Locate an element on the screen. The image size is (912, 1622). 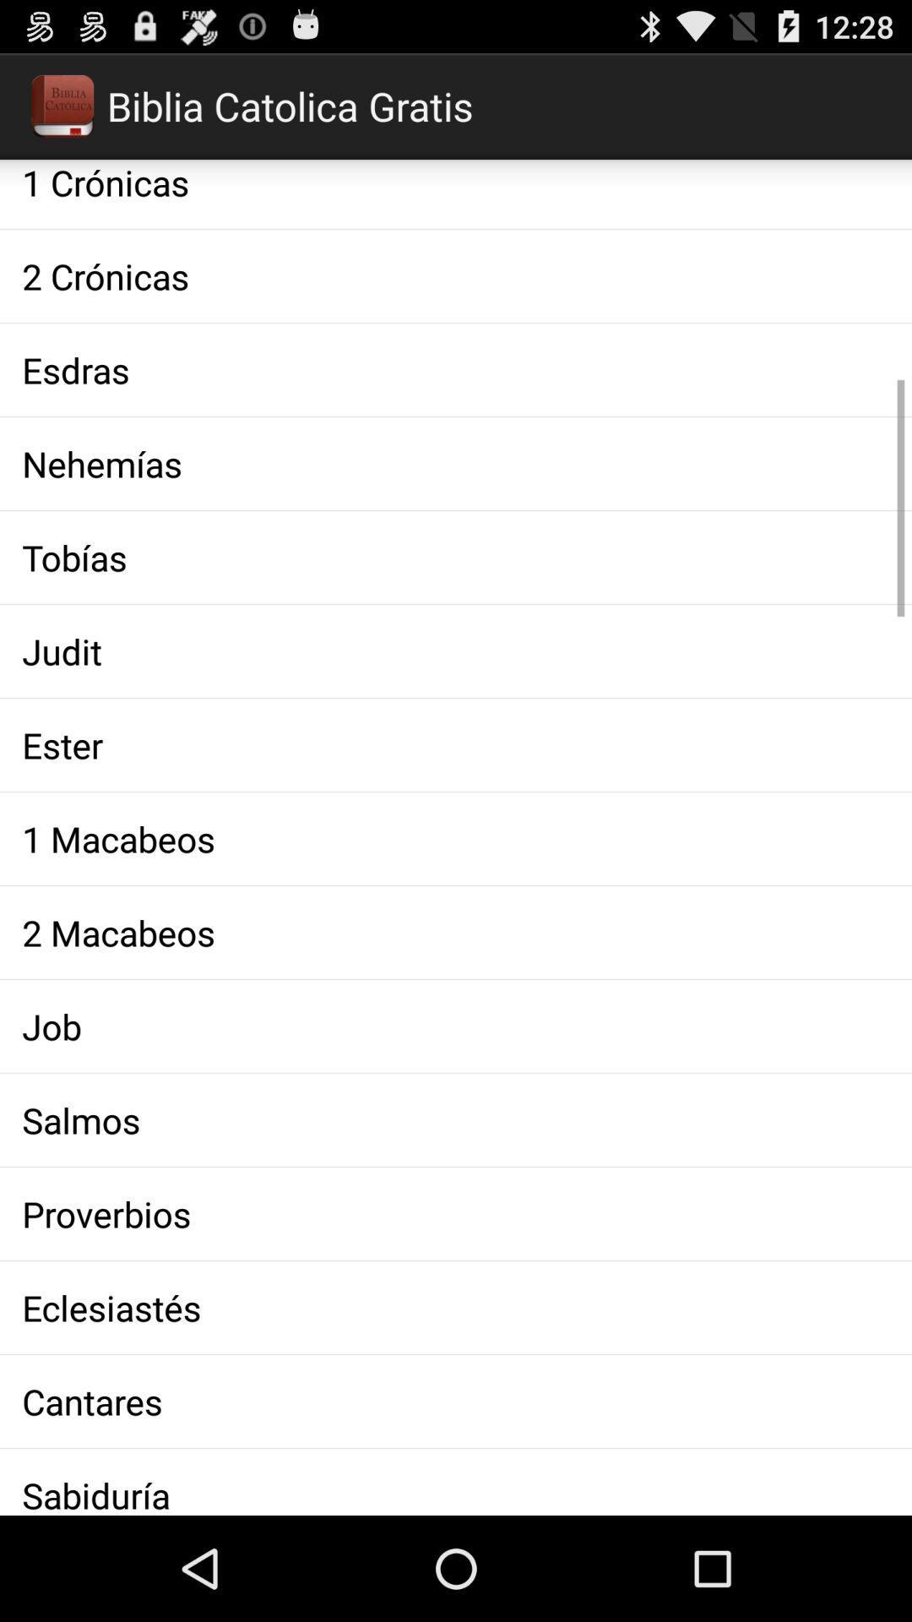
cantares app is located at coordinates (456, 1402).